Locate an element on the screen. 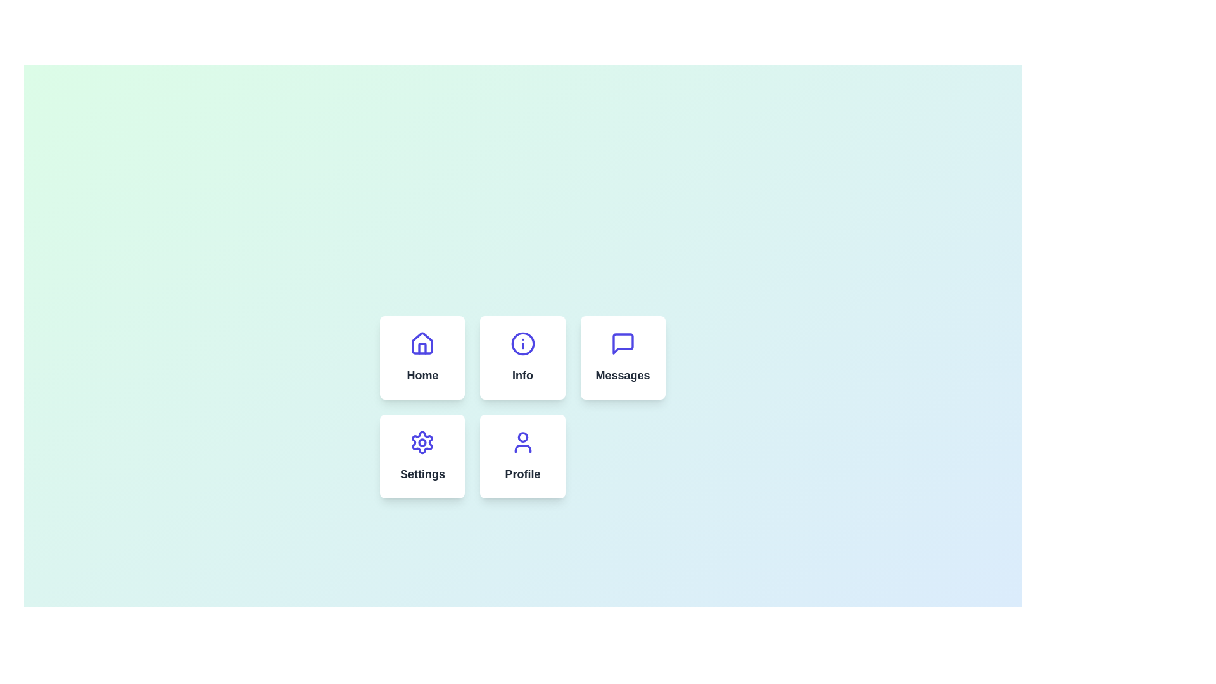 This screenshot has height=684, width=1216. the icon representing the 'Messages' section, which is located at the top center of the third card in the grid layout is located at coordinates (623, 344).